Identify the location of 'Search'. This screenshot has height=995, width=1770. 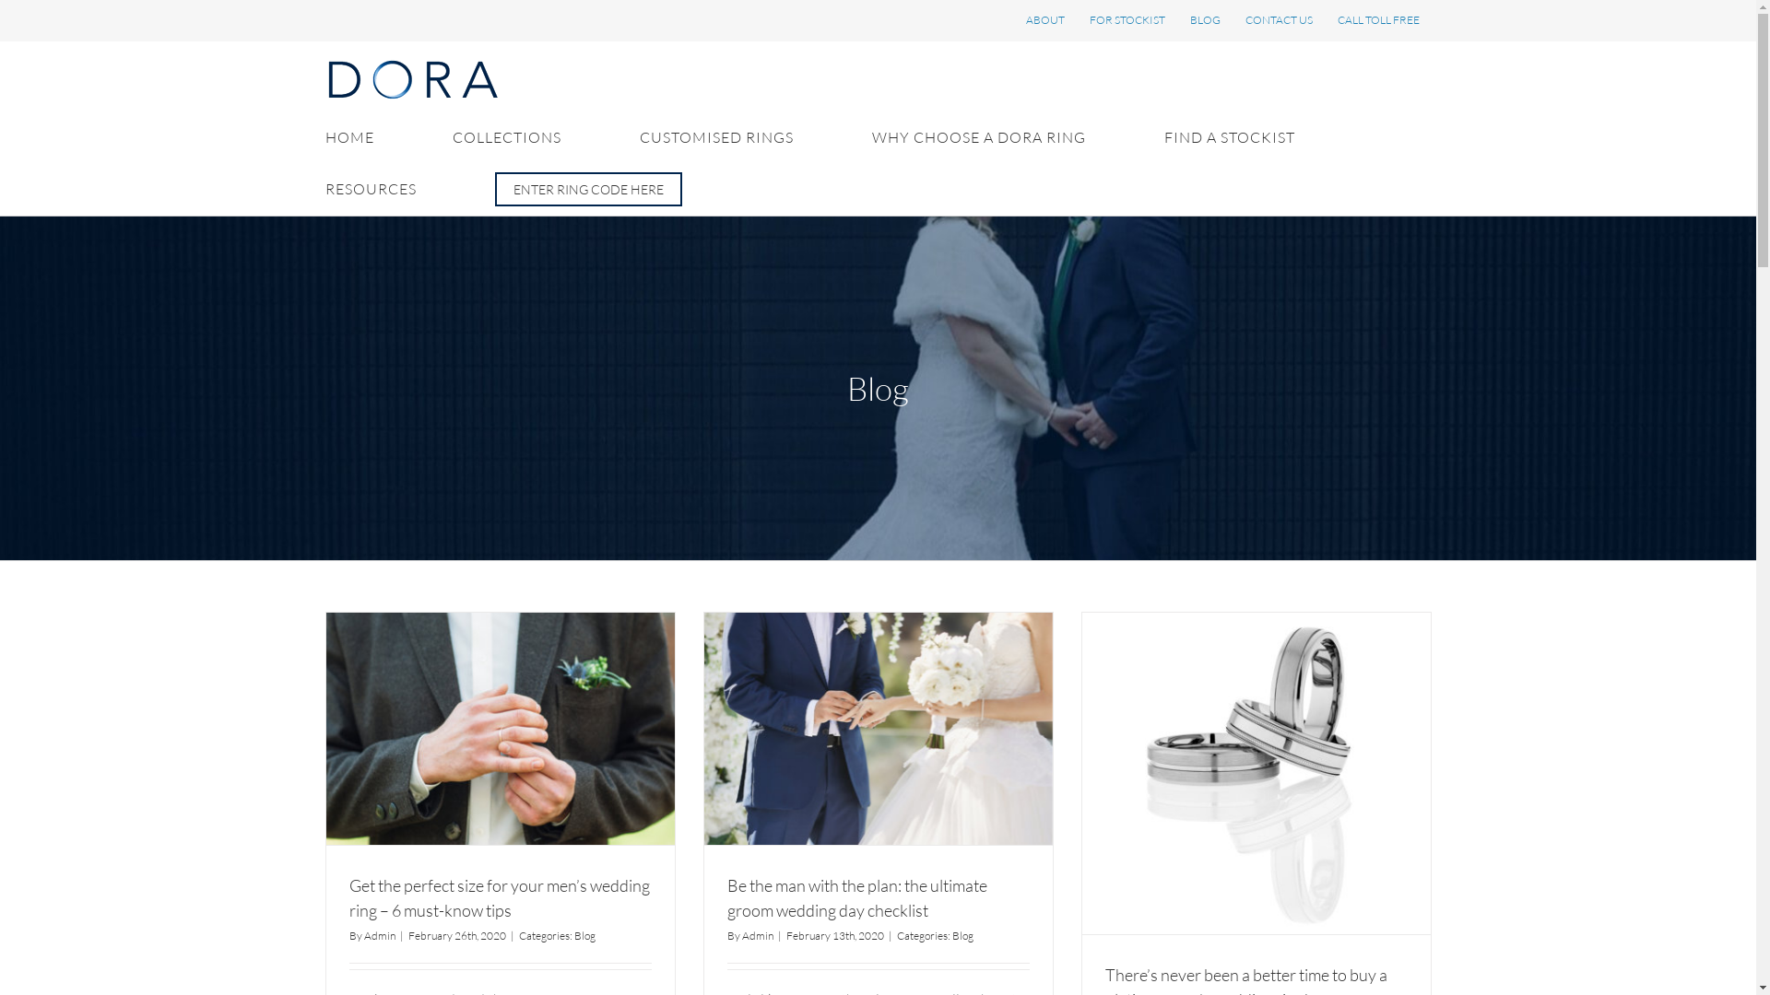
(586, 188).